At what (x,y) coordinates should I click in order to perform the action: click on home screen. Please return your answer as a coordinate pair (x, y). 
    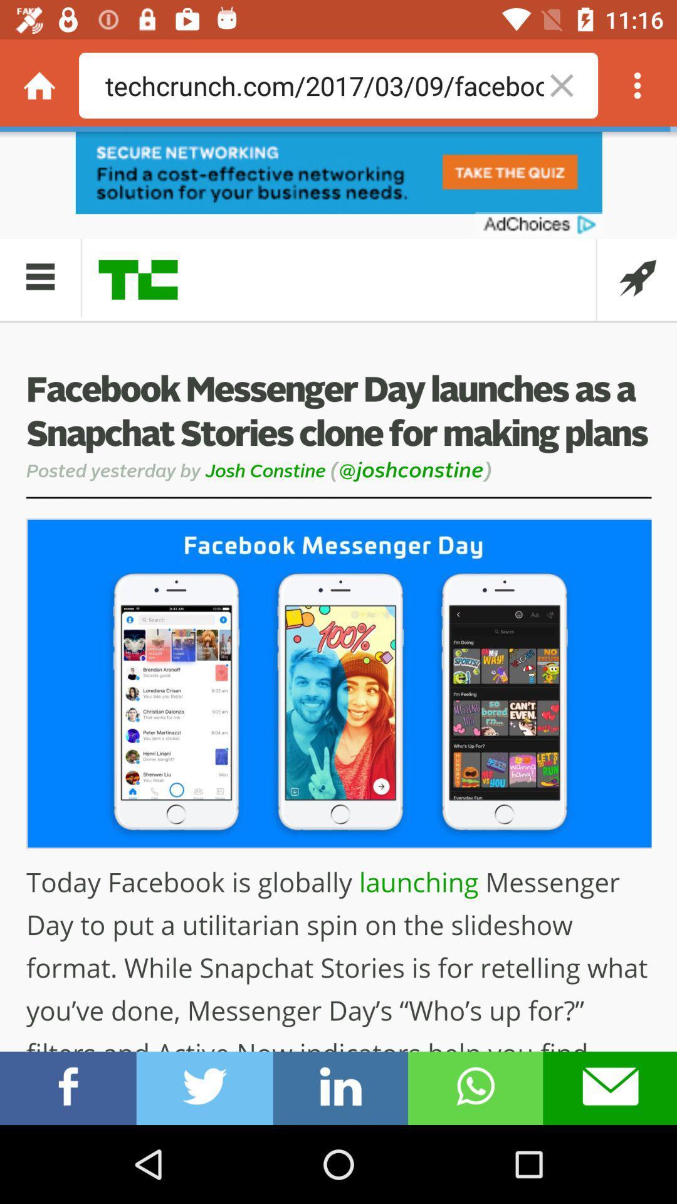
    Looking at the image, I should click on (38, 85).